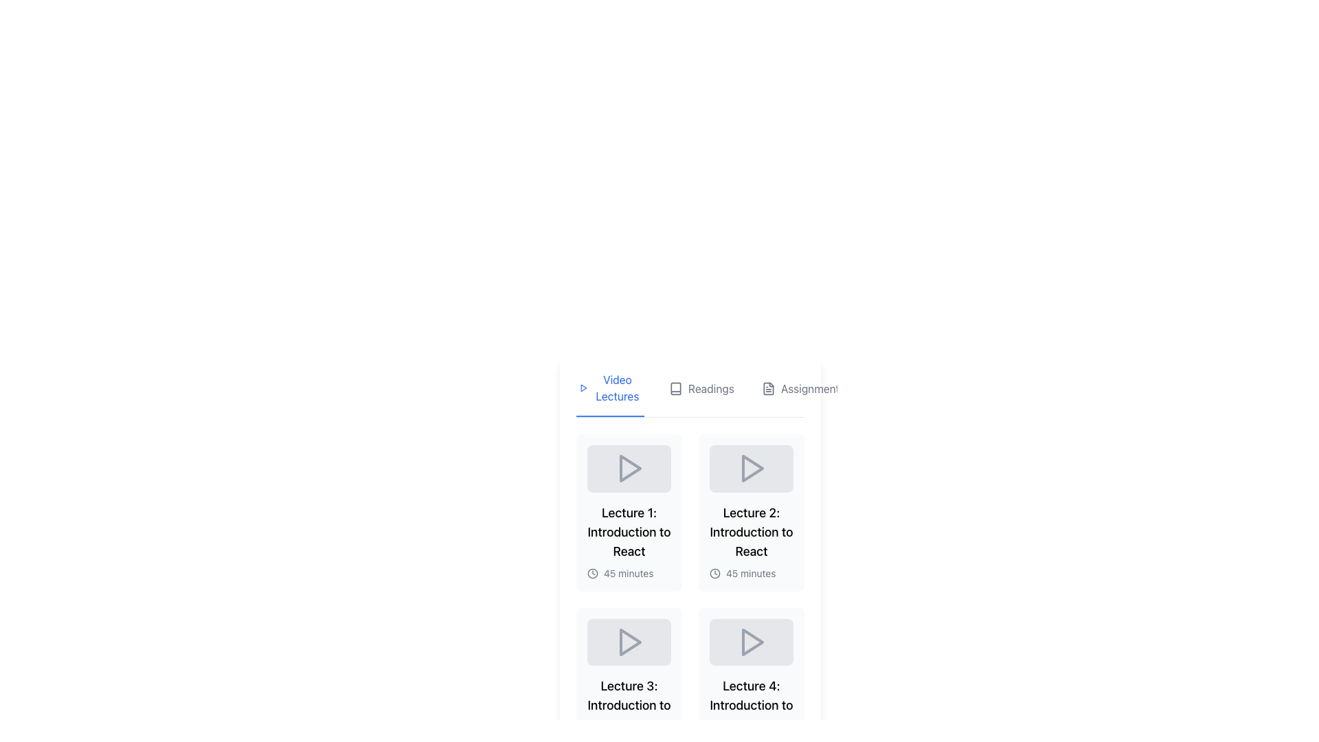 Image resolution: width=1319 pixels, height=742 pixels. I want to click on the equilateral triangle button pointing to the right within the 'Lecture 4: Introduction to React' card, so click(752, 641).